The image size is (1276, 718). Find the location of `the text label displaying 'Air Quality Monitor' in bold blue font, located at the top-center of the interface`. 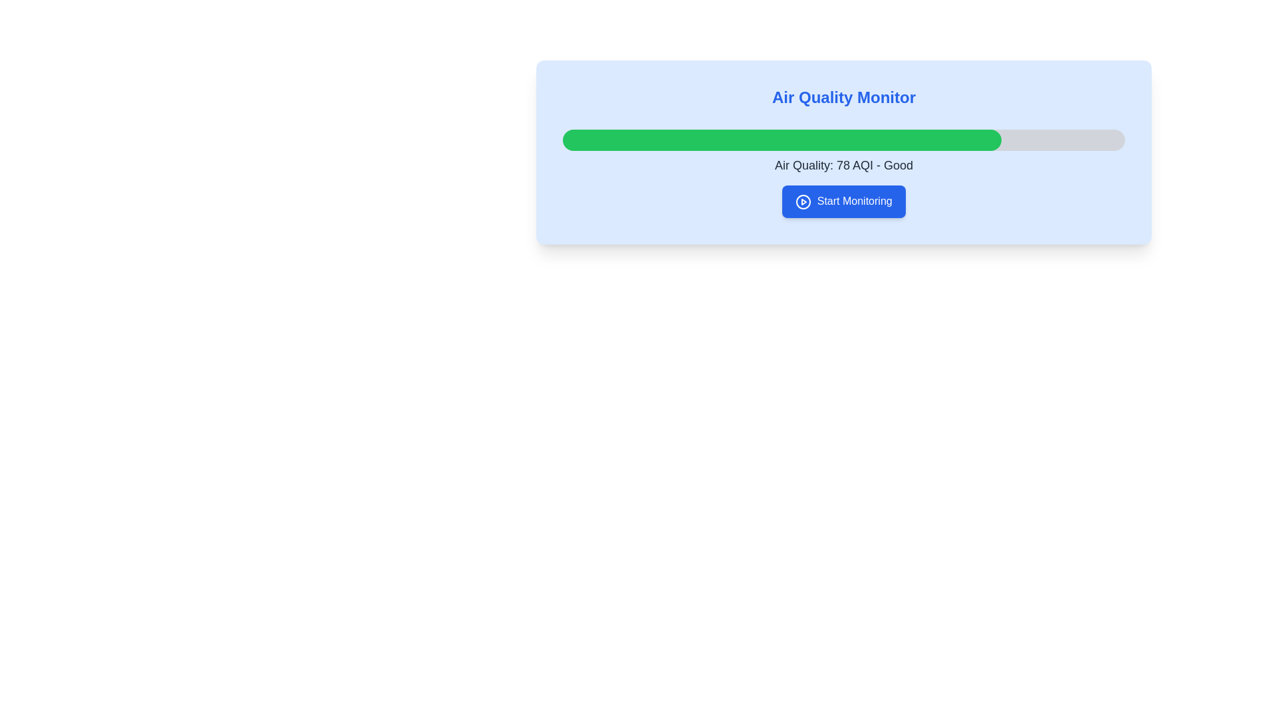

the text label displaying 'Air Quality Monitor' in bold blue font, located at the top-center of the interface is located at coordinates (843, 96).